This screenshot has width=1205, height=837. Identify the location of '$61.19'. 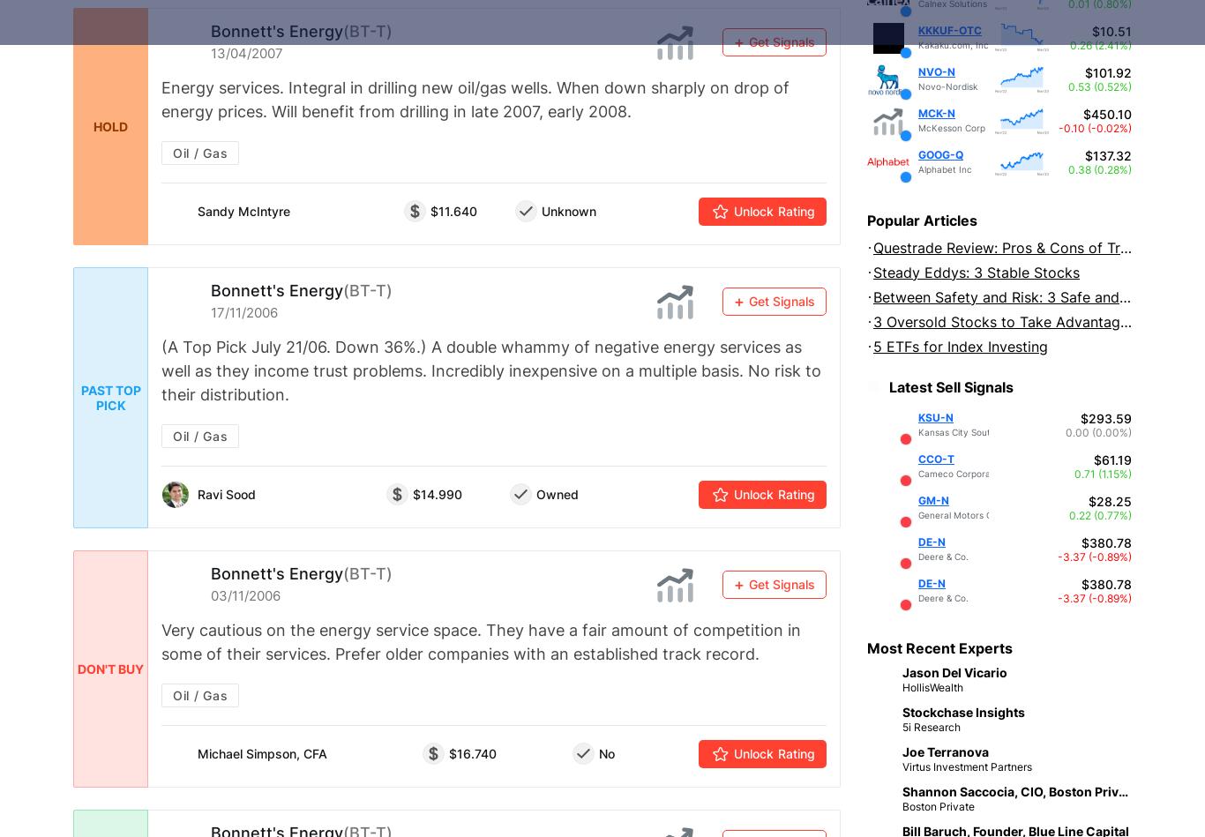
(1111, 458).